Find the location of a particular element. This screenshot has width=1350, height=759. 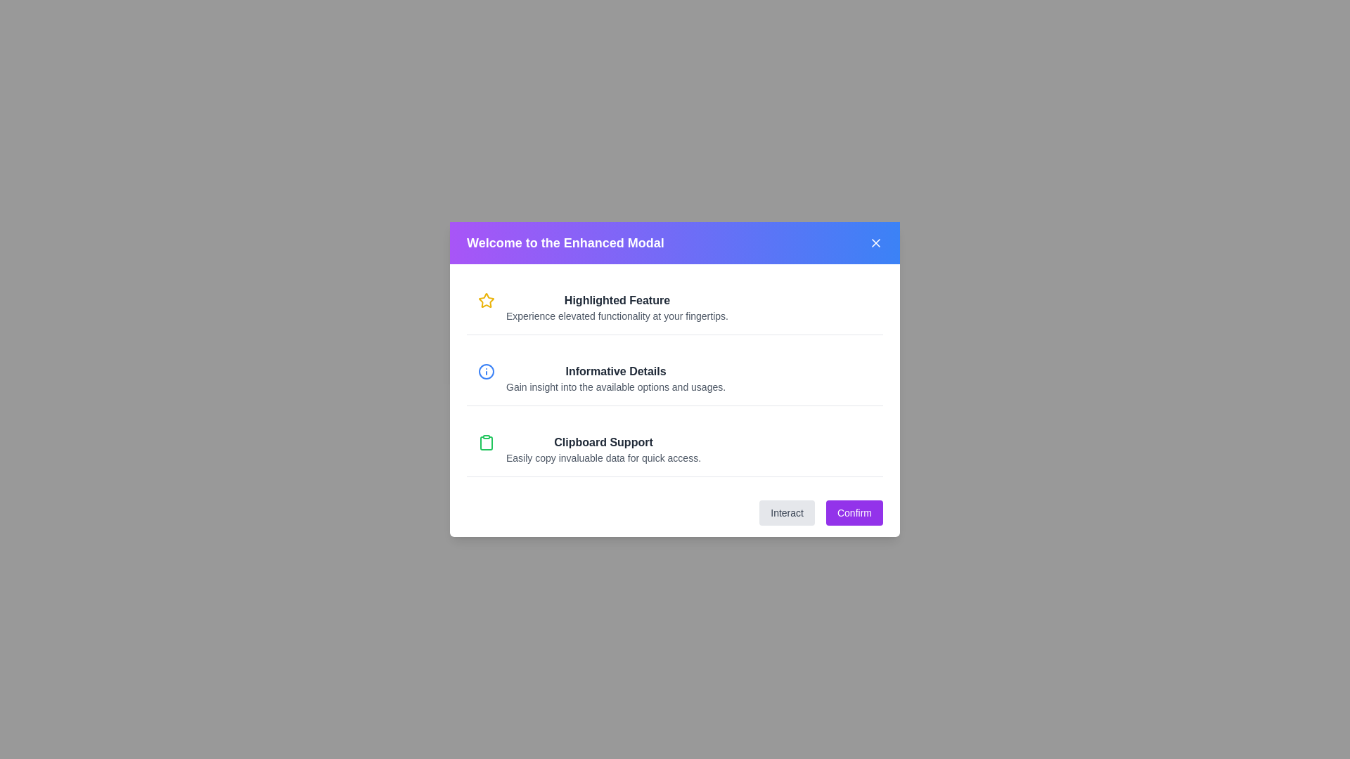

the informational block titled 'Highlighted Feature' with a yellow star icon, which includes a bold title and a description text below it is located at coordinates (675, 307).